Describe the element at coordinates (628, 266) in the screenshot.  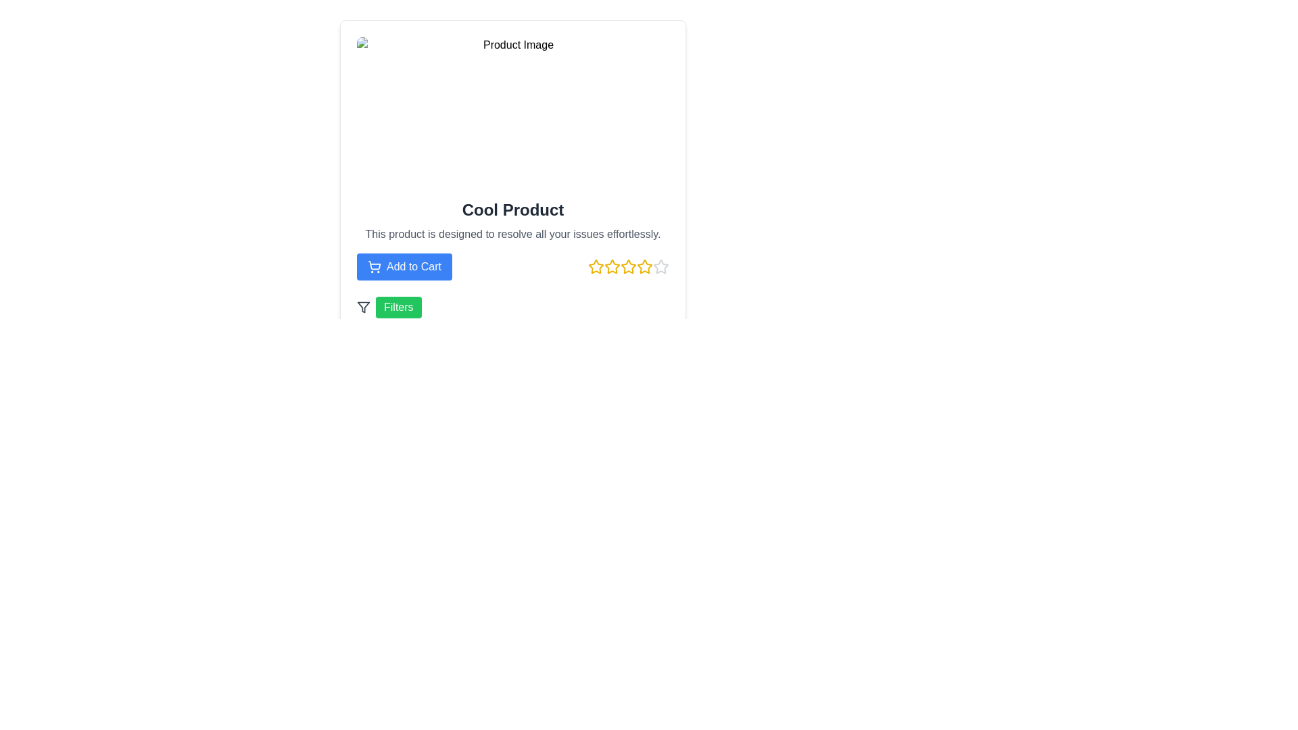
I see `the fourth rating star icon` at that location.